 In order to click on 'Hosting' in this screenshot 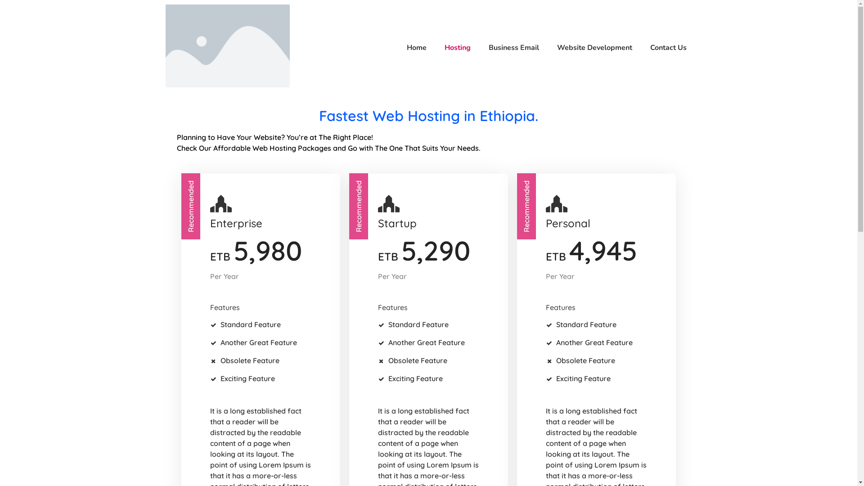, I will do `click(453, 47)`.